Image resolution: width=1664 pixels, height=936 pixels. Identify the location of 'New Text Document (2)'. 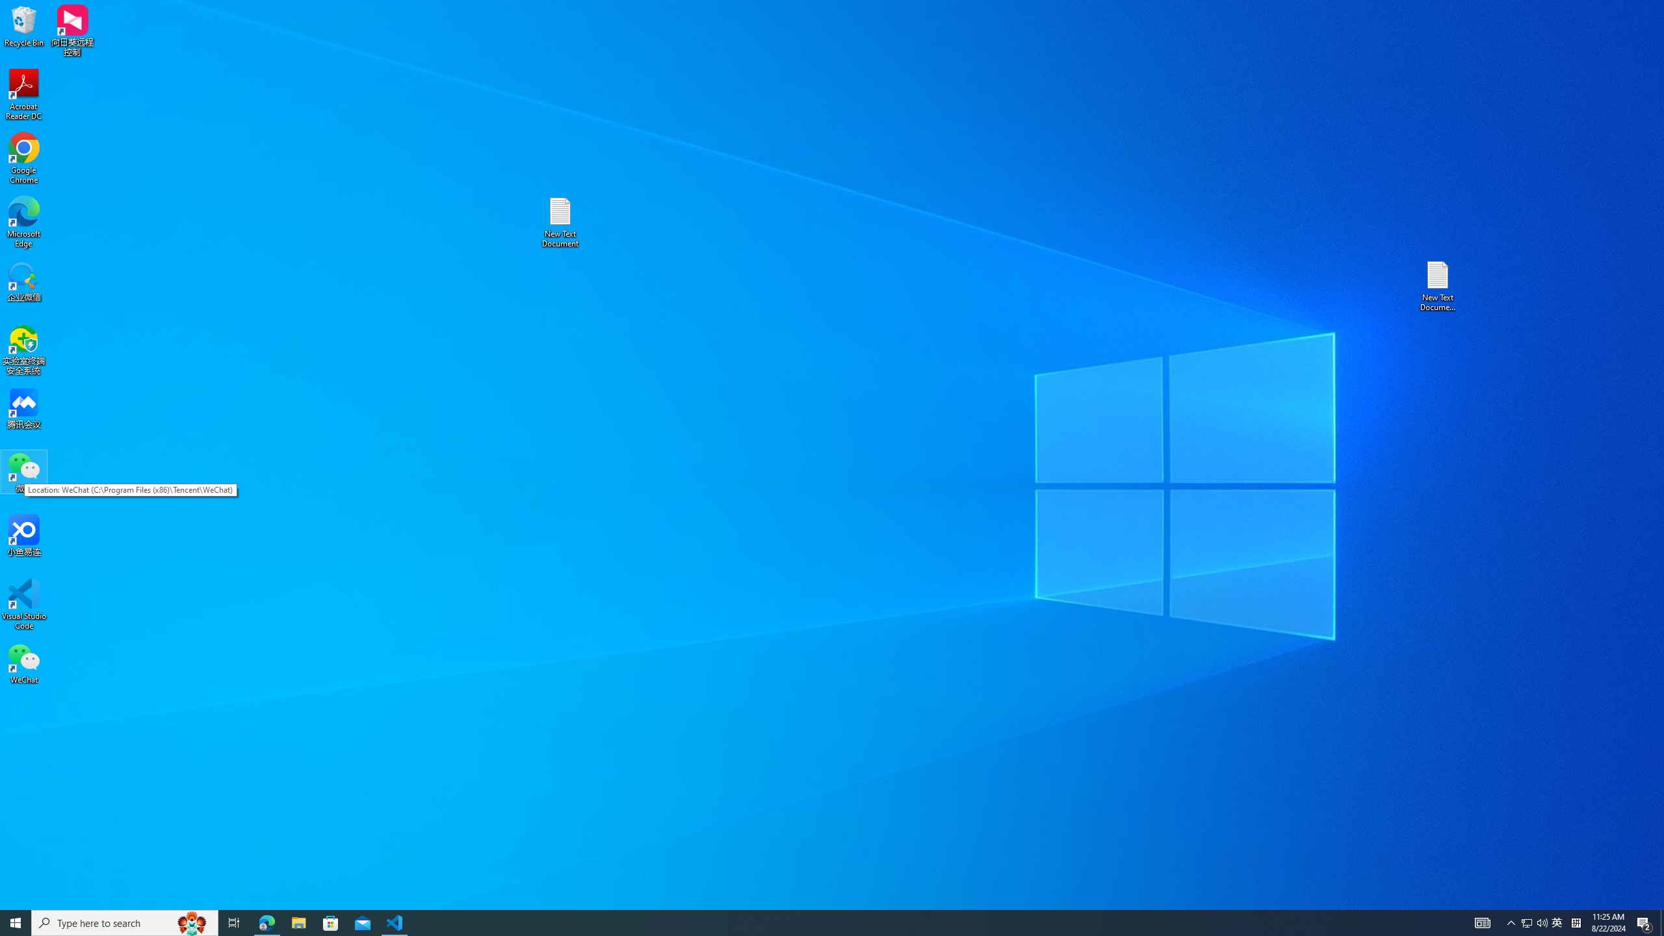
(1438, 285).